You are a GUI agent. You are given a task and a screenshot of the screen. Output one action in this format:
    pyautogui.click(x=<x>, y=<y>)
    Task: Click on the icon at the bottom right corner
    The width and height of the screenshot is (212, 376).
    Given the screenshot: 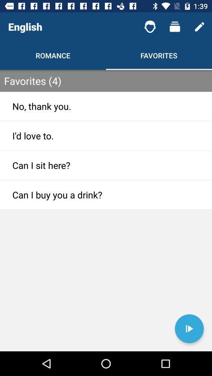 What is the action you would take?
    pyautogui.click(x=189, y=329)
    